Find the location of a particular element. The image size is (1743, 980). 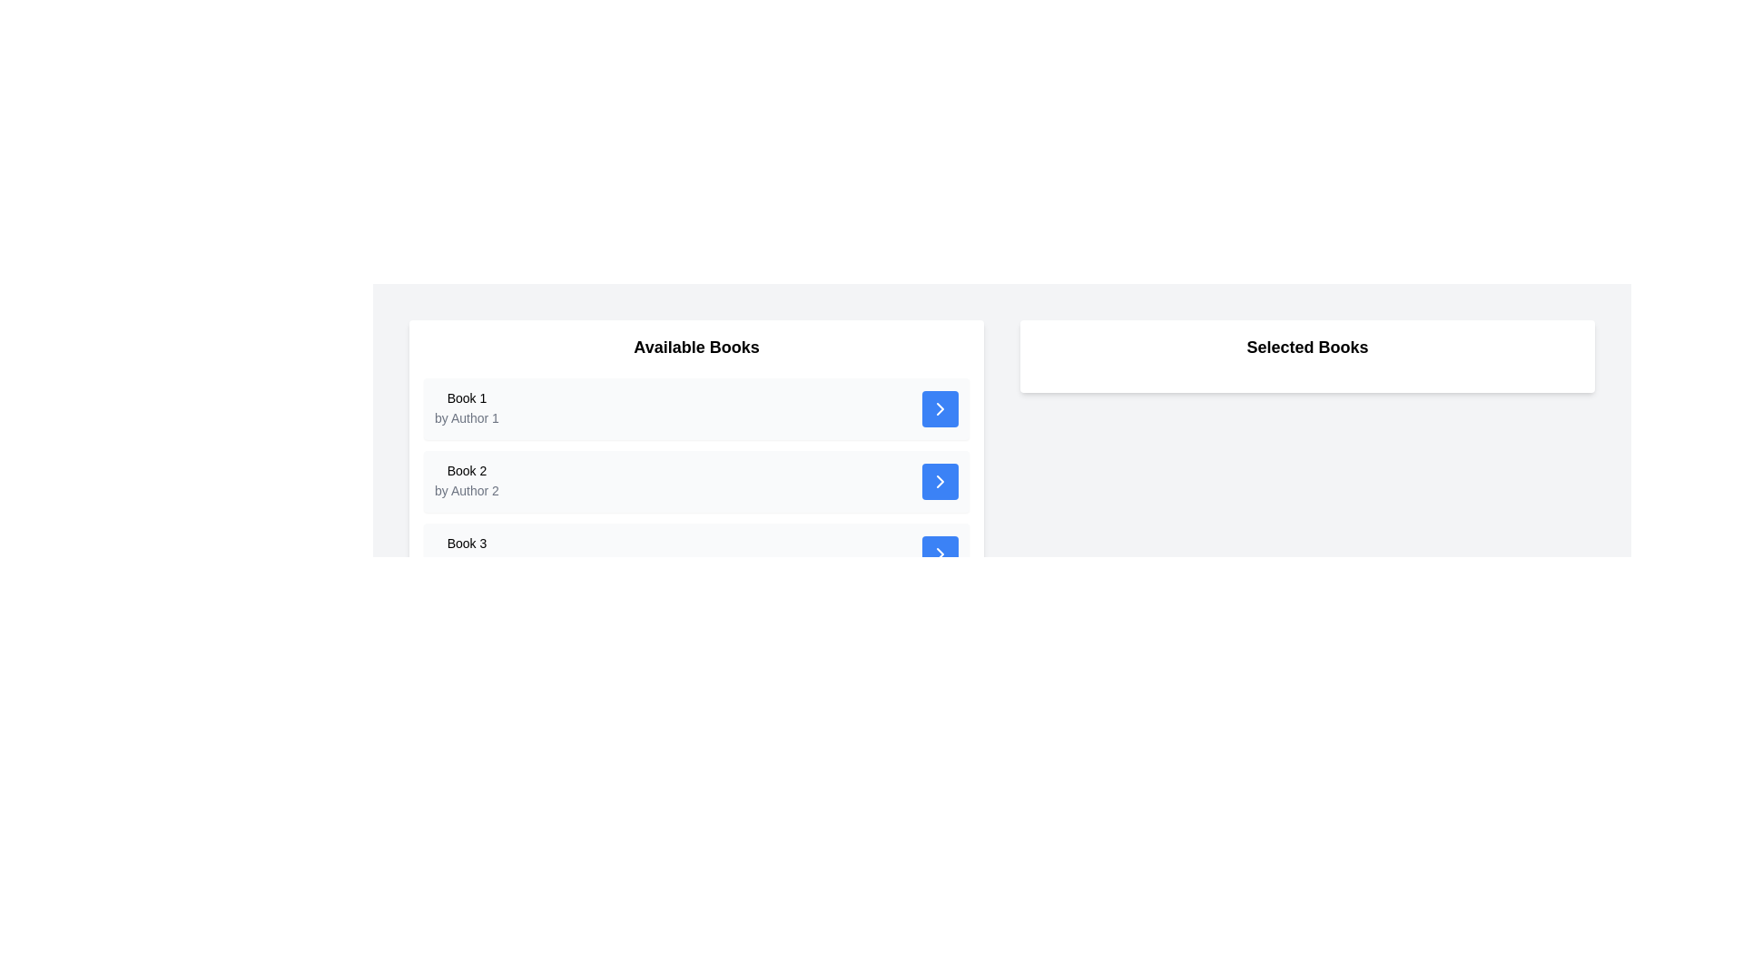

book information displayed in the text element titled 'Book 1' by 'Author 1', which is located in the 'Available Books' panel is located at coordinates (467, 409).